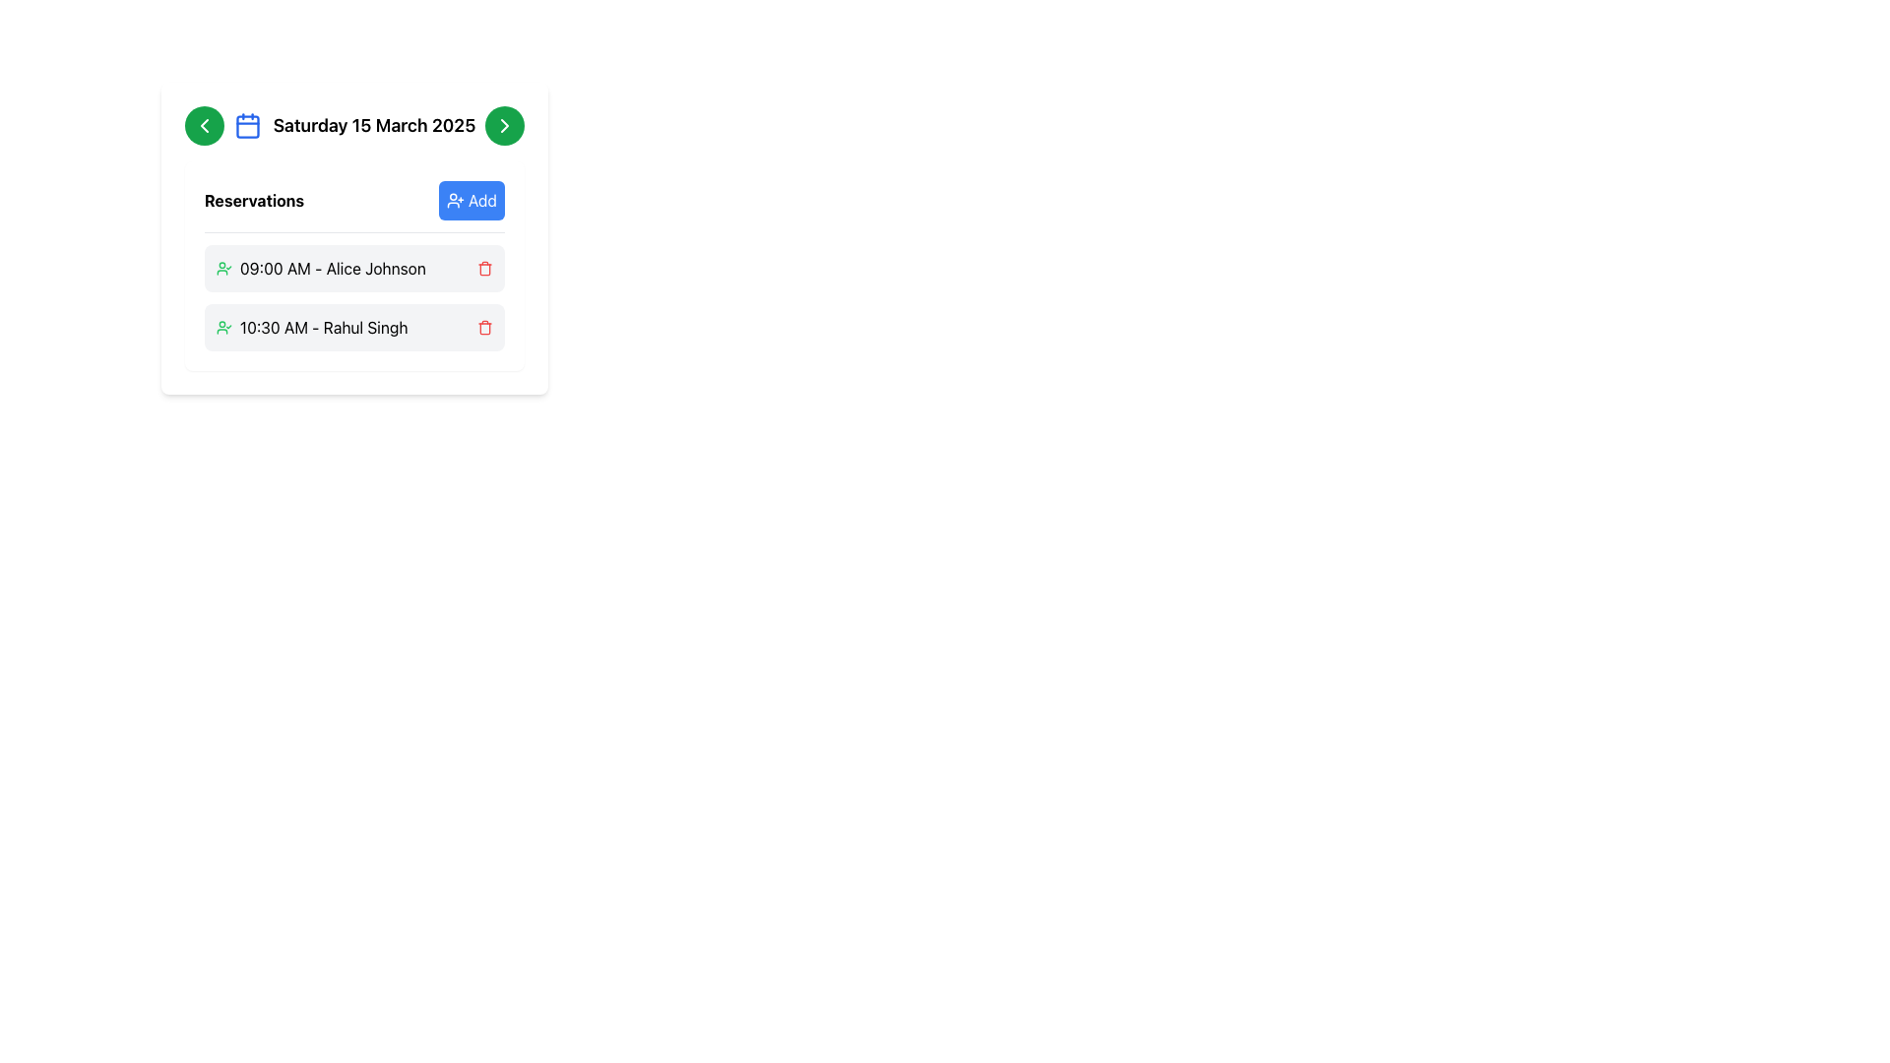 The height and width of the screenshot is (1063, 1890). Describe the element at coordinates (471, 201) in the screenshot. I see `the blue 'Add' button with a white user-plus icon in the upper-right of the 'Reservations' section to observe hover effects` at that location.